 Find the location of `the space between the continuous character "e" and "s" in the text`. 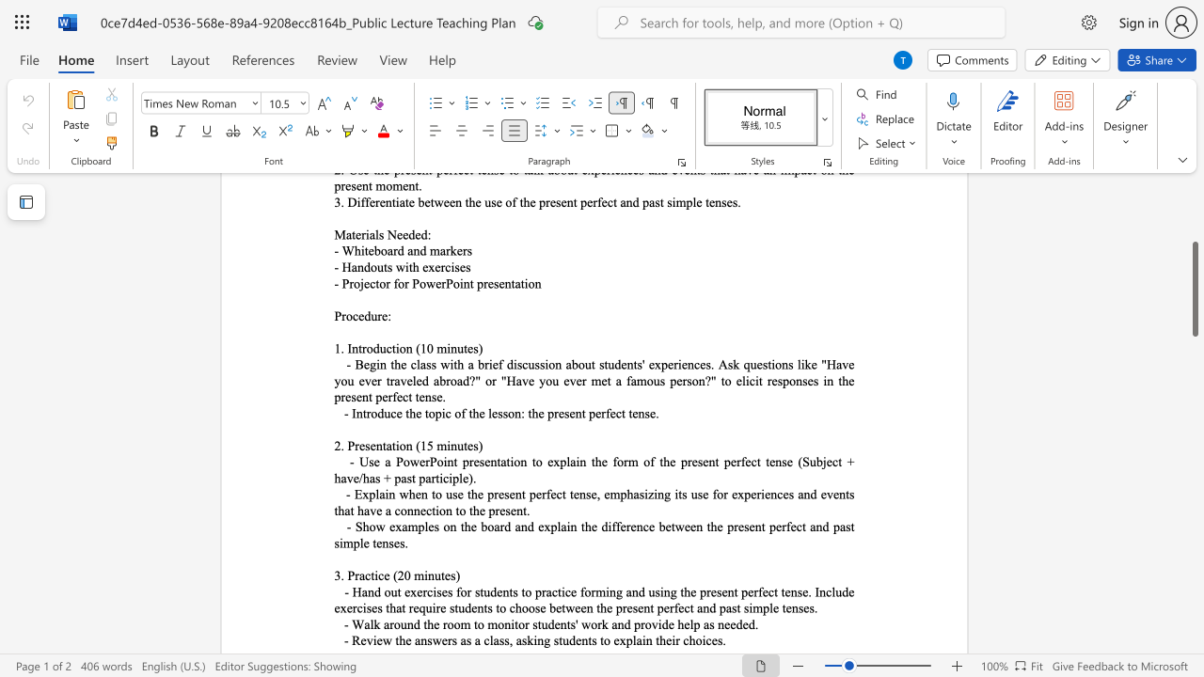

the space between the continuous character "e" and "s" in the text is located at coordinates (716, 639).